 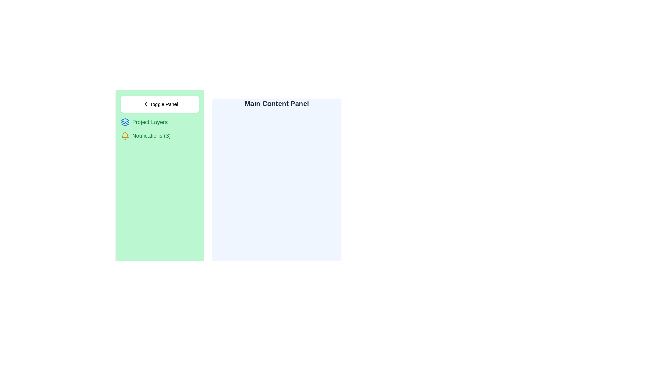 What do you see at coordinates (150, 122) in the screenshot?
I see `the static text label 'Project Layers' located to the right of the layered squares icon in the sidebar menu` at bounding box center [150, 122].